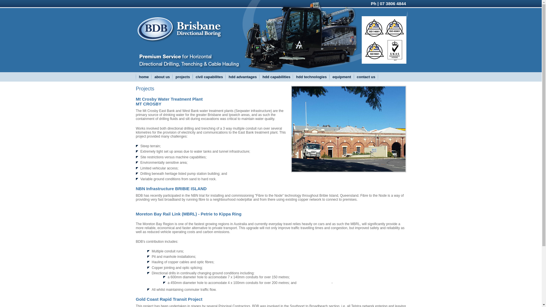 The height and width of the screenshot is (307, 546). Describe the element at coordinates (162, 77) in the screenshot. I see `'about us'` at that location.